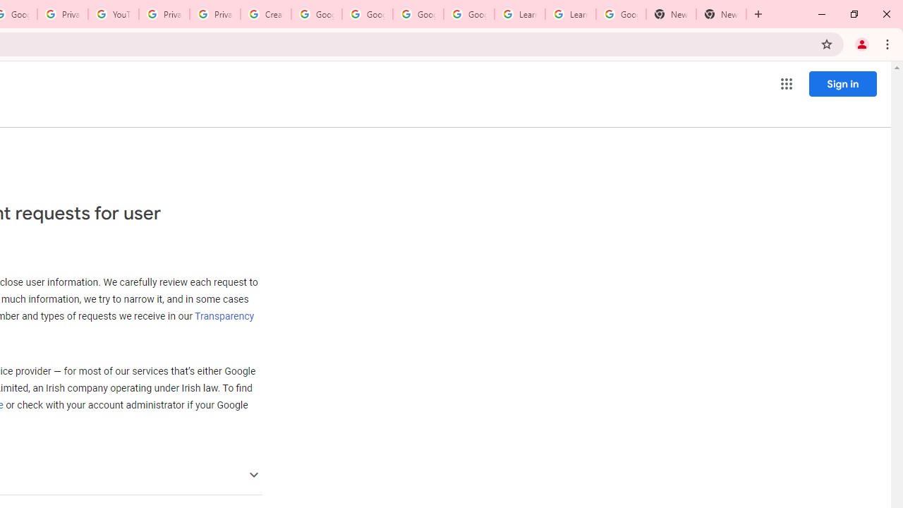 The width and height of the screenshot is (903, 508). What do you see at coordinates (367, 14) in the screenshot?
I see `'Google Account Help'` at bounding box center [367, 14].